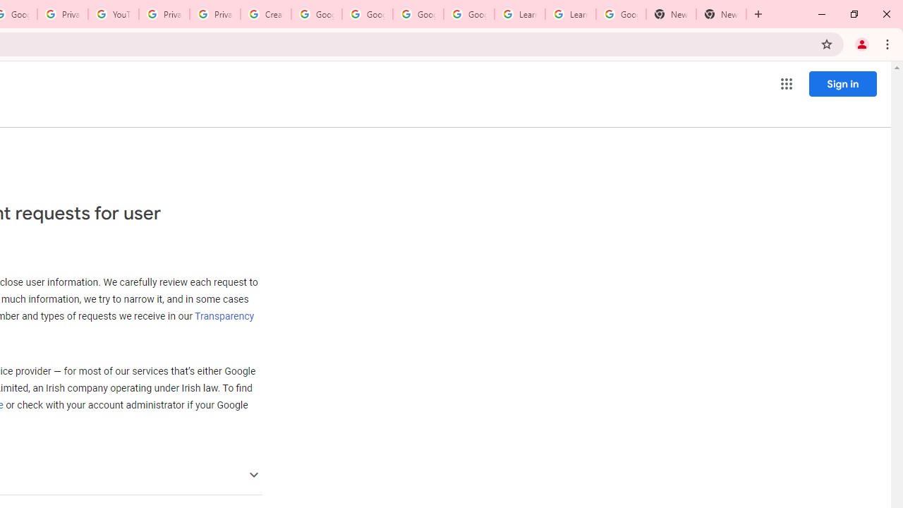 The width and height of the screenshot is (903, 508). What do you see at coordinates (367, 14) in the screenshot?
I see `'Google Account Help'` at bounding box center [367, 14].